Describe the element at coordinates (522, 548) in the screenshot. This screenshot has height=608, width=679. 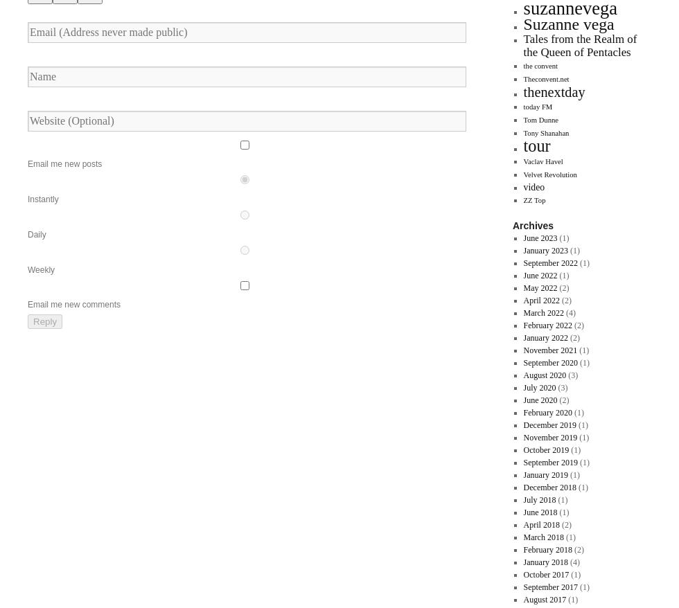
I see `'February 2018'` at that location.